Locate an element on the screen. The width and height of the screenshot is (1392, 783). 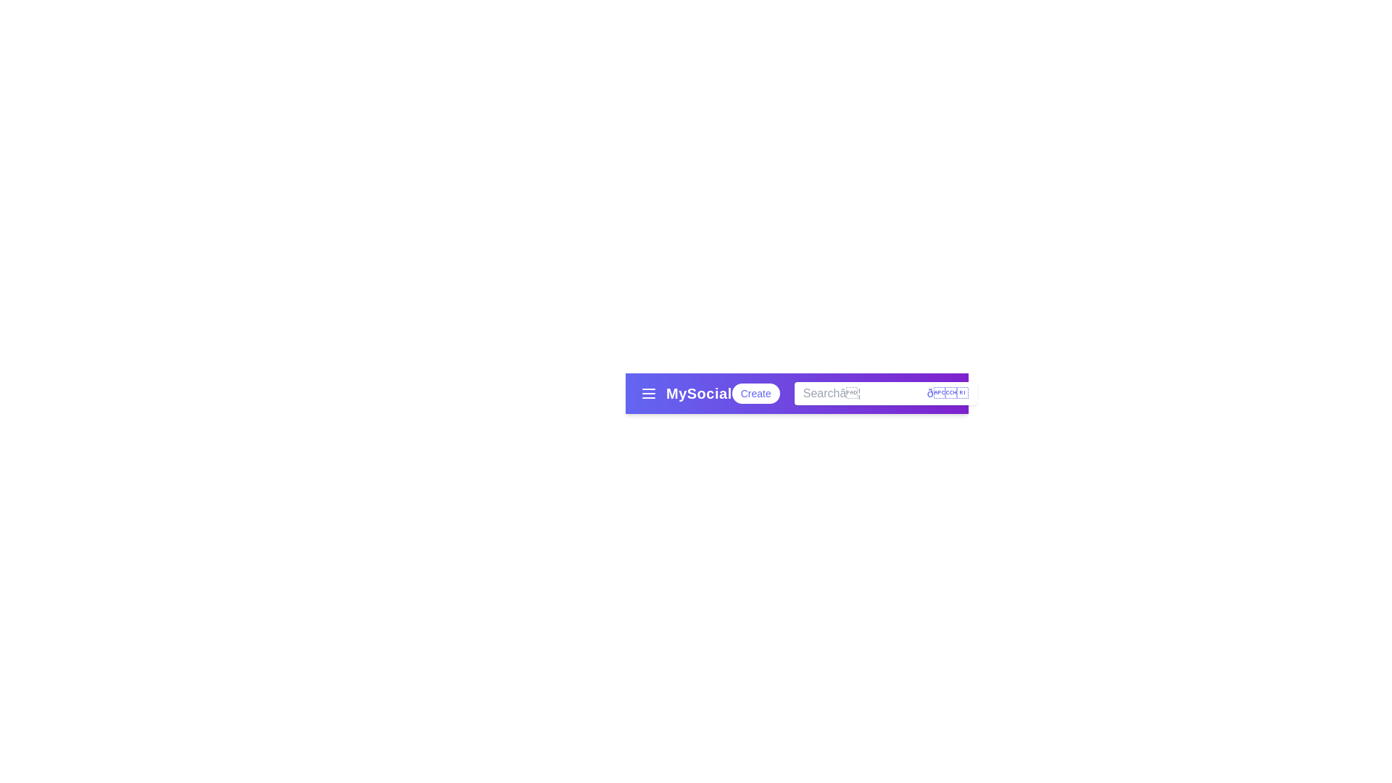
the menu icon to toggle the menu is located at coordinates (647, 394).